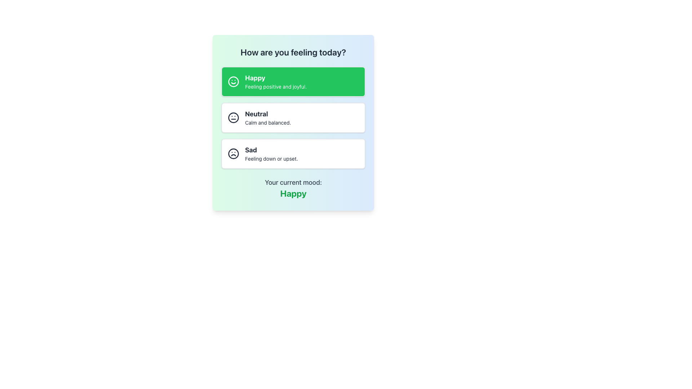 The image size is (692, 389). What do you see at coordinates (234, 153) in the screenshot?
I see `the SVG Icon representing the 'Sad' mood option, which is located to the left of the 'Sad' text in the third selection of mood options` at bounding box center [234, 153].